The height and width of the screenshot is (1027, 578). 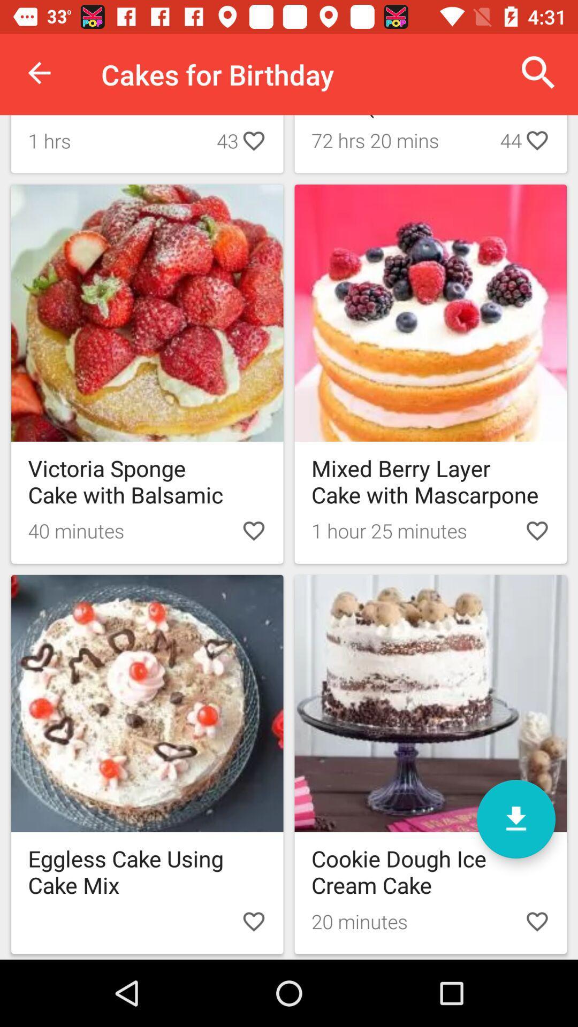 What do you see at coordinates (538, 72) in the screenshot?
I see `item next to cakes for birthday item` at bounding box center [538, 72].